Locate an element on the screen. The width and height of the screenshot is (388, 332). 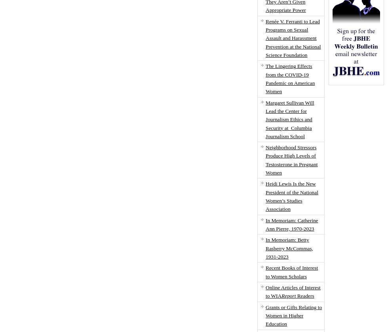
'Recent Books of Interest to Women Scholars' is located at coordinates (291, 272).